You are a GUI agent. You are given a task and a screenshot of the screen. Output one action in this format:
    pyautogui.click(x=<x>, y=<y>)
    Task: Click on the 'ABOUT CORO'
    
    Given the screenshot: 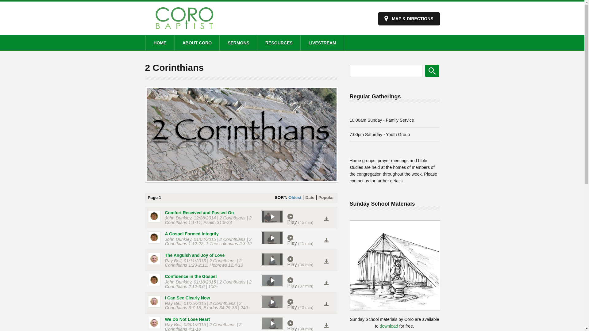 What is the action you would take?
    pyautogui.click(x=197, y=42)
    